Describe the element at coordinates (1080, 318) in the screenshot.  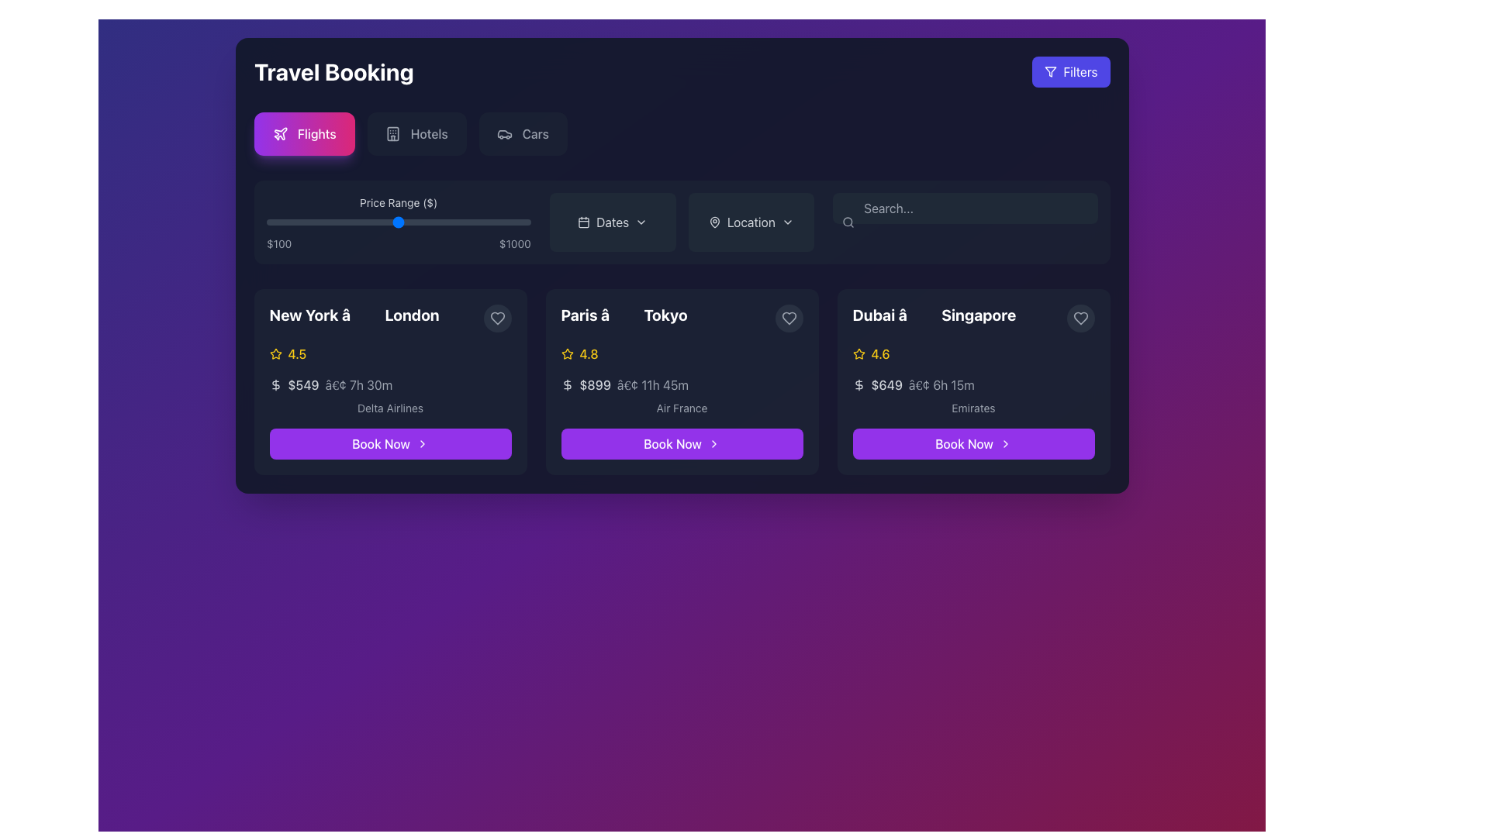
I see `the 'like' button located at the top-right corner of the flight card displaying 'Dubai → Singapore' to mark the flight as a favorite` at that location.